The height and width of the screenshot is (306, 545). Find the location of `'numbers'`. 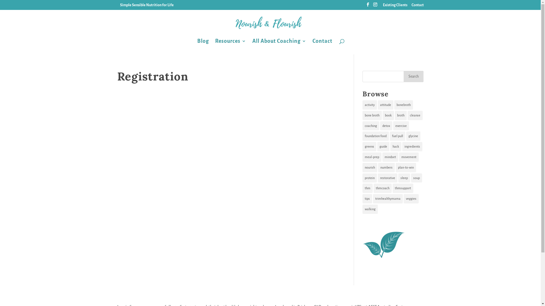

'numbers' is located at coordinates (386, 167).